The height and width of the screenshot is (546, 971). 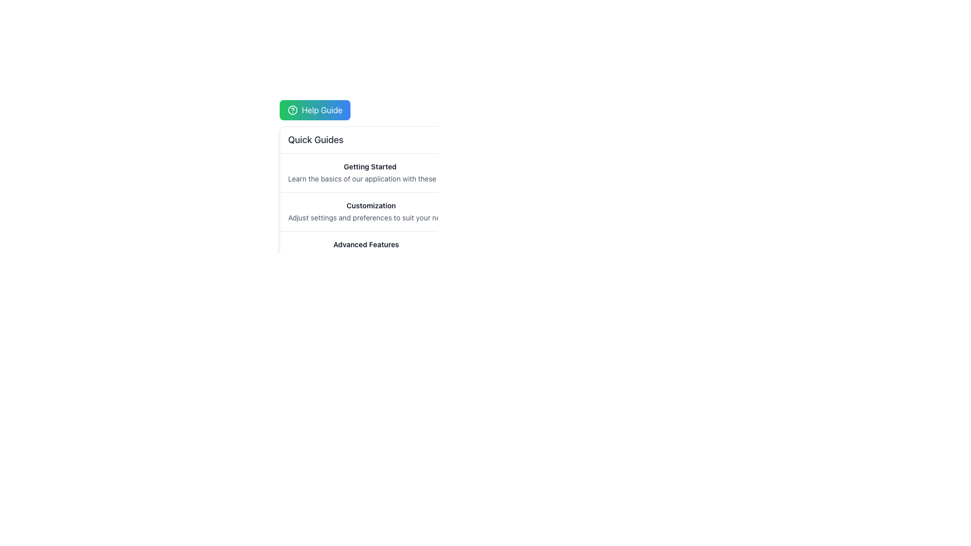 What do you see at coordinates (376, 172) in the screenshot?
I see `the 'Getting Started' informational card located in the 'Quick Guides' section` at bounding box center [376, 172].